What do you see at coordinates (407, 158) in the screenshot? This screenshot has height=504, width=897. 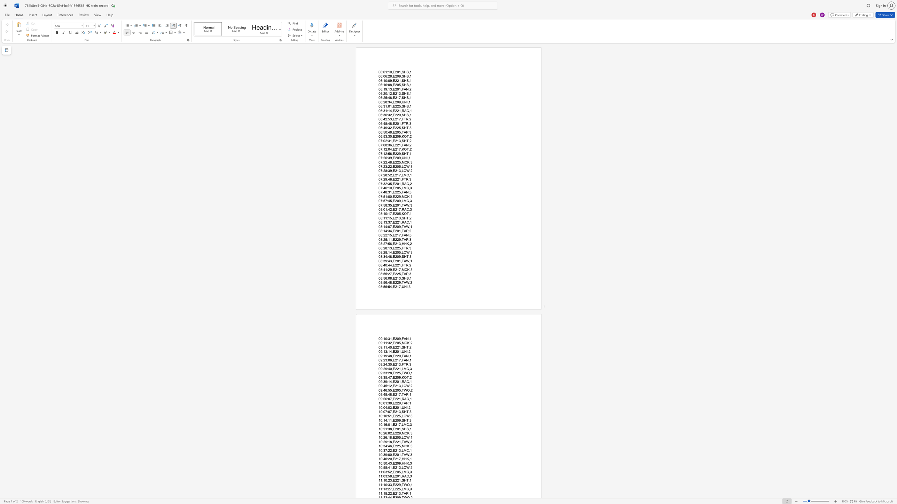 I see `the space between the continuous character "I" and "," in the text` at bounding box center [407, 158].